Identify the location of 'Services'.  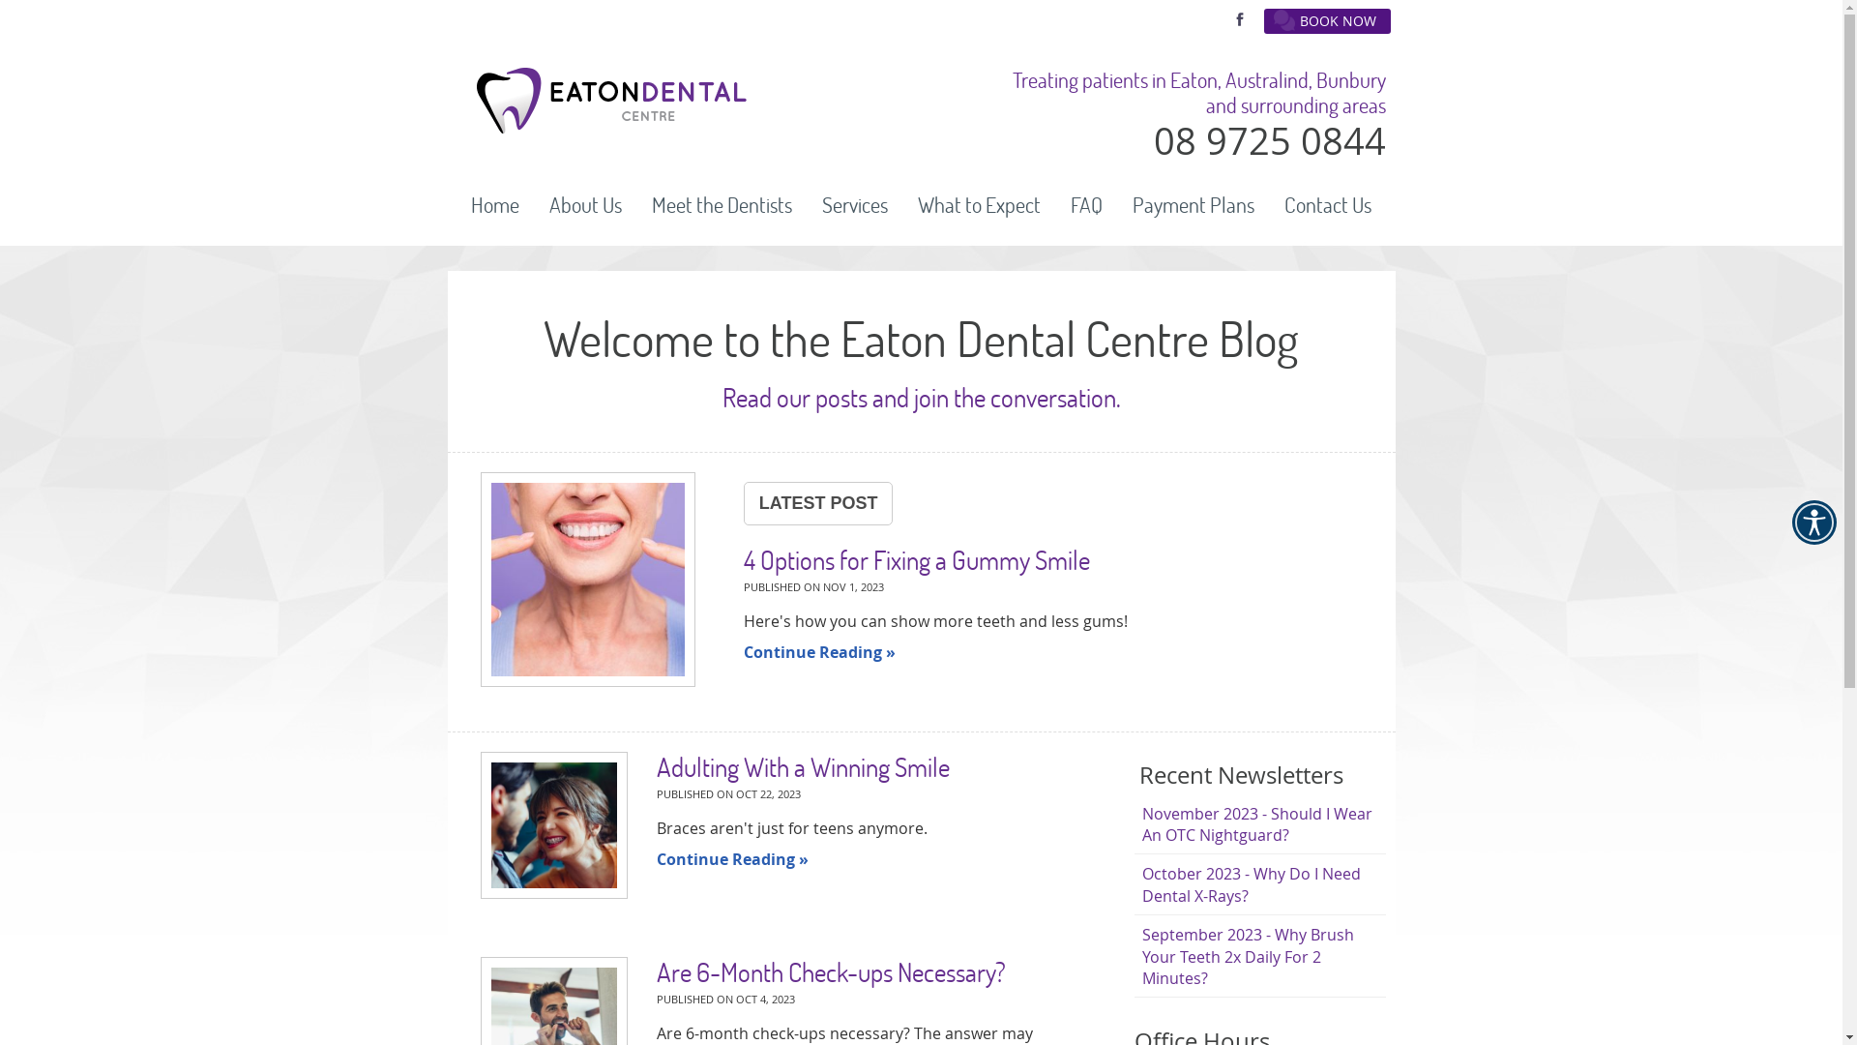
(854, 205).